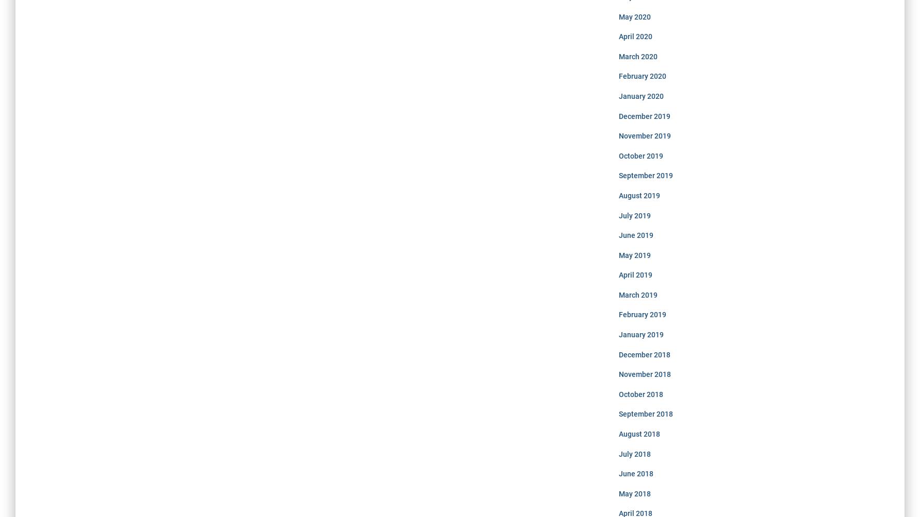 The height and width of the screenshot is (517, 920). What do you see at coordinates (634, 16) in the screenshot?
I see `'May 2020'` at bounding box center [634, 16].